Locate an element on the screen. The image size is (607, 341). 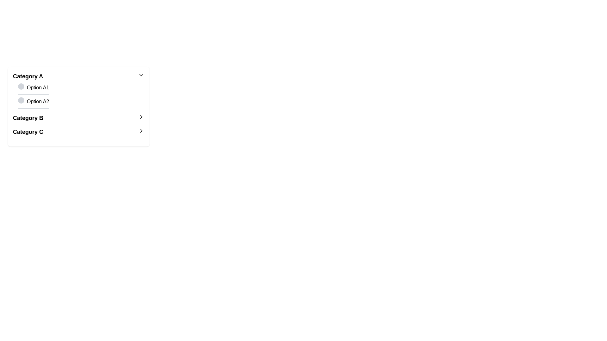
the navigation indicator positioned to the right of the 'Category B' text option within the dropdown panel, which serves to navigate to subcategories associated with 'Category B' is located at coordinates (141, 130).